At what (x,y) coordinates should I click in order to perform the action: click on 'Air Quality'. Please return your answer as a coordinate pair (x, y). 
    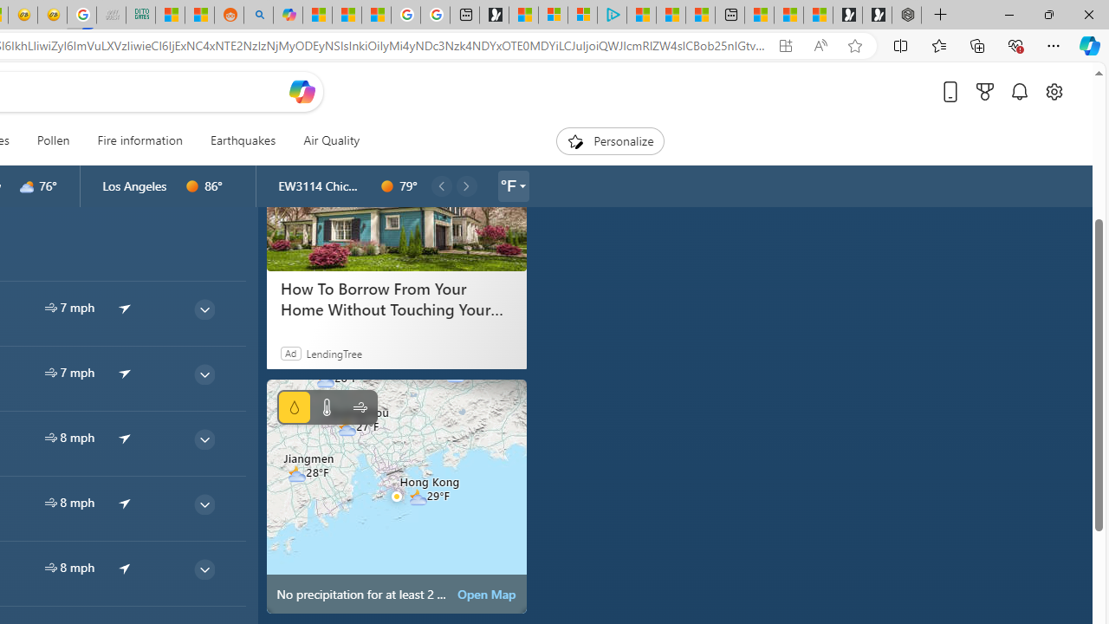
    Looking at the image, I should click on (331, 140).